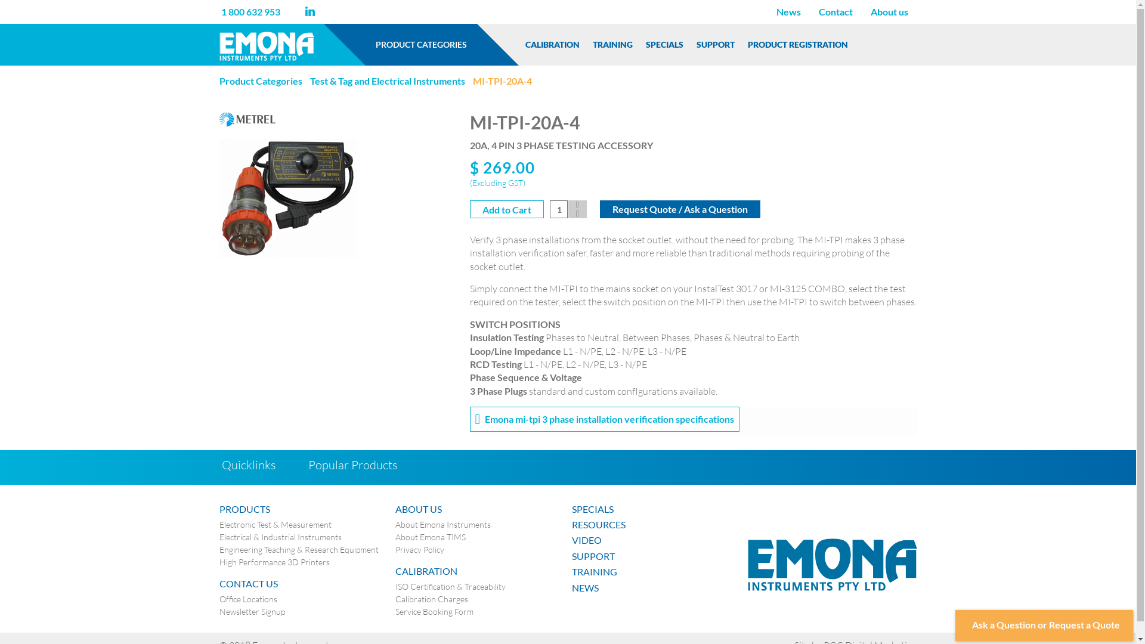 The image size is (1145, 644). I want to click on 'Privacy Policy', so click(420, 549).